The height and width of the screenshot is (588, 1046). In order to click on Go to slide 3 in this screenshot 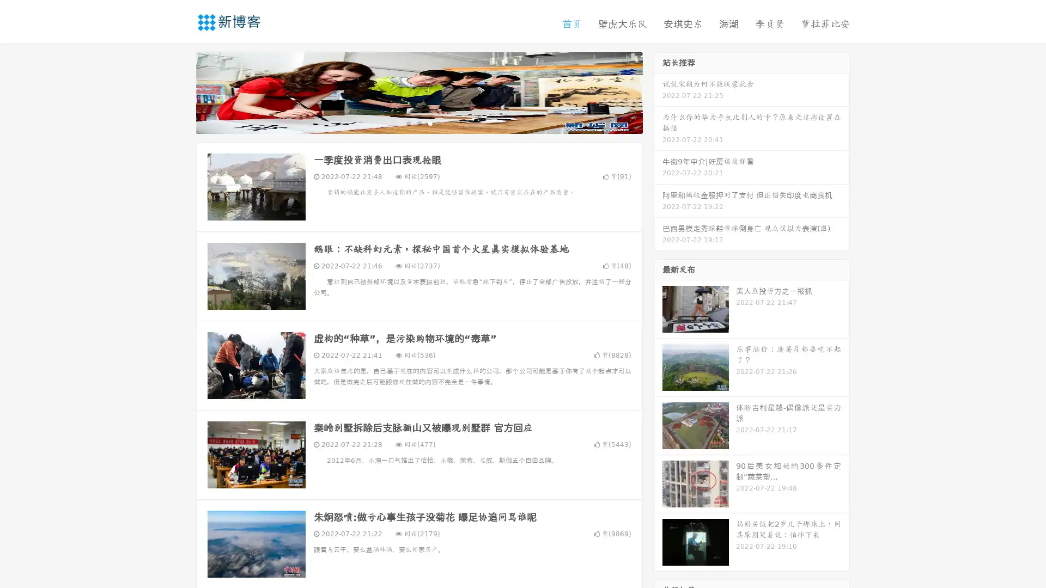, I will do `click(430, 122)`.